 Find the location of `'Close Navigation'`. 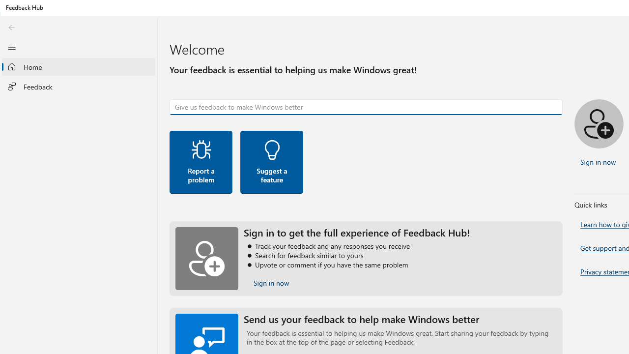

'Close Navigation' is located at coordinates (11, 47).